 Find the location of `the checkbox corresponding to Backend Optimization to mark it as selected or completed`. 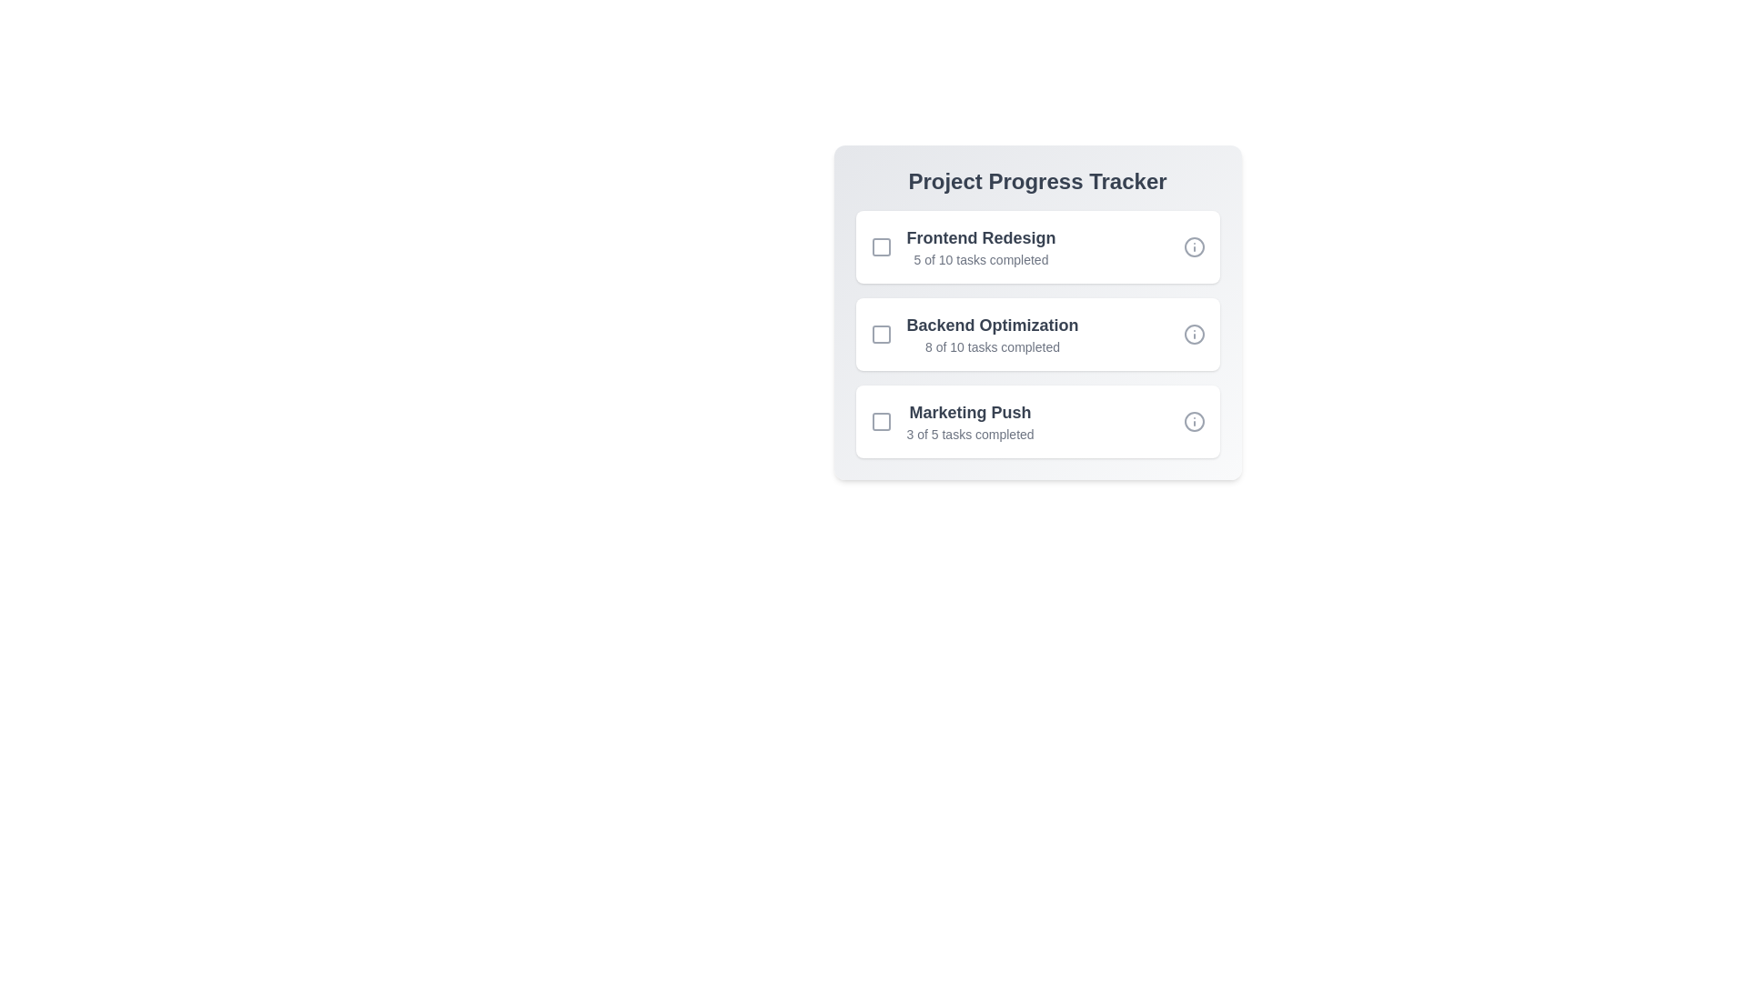

the checkbox corresponding to Backend Optimization to mark it as selected or completed is located at coordinates (881, 334).